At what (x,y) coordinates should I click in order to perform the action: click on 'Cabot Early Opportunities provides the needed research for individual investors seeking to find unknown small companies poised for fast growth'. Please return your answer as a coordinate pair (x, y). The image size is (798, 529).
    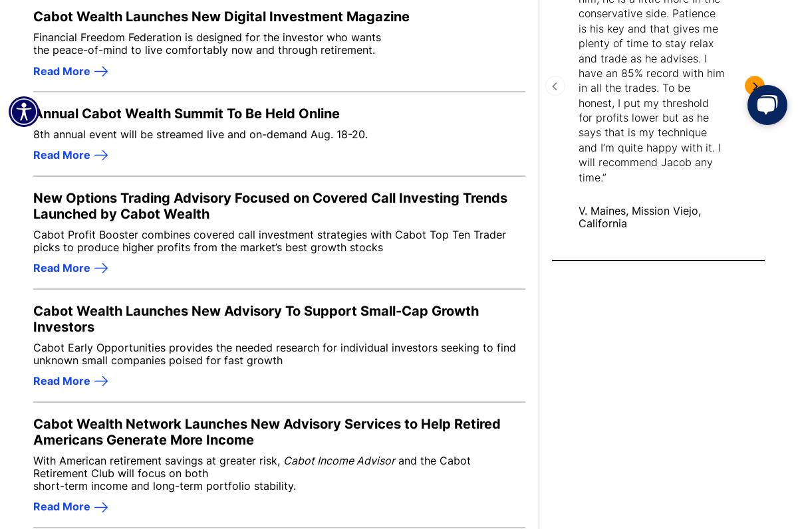
    Looking at the image, I should click on (33, 352).